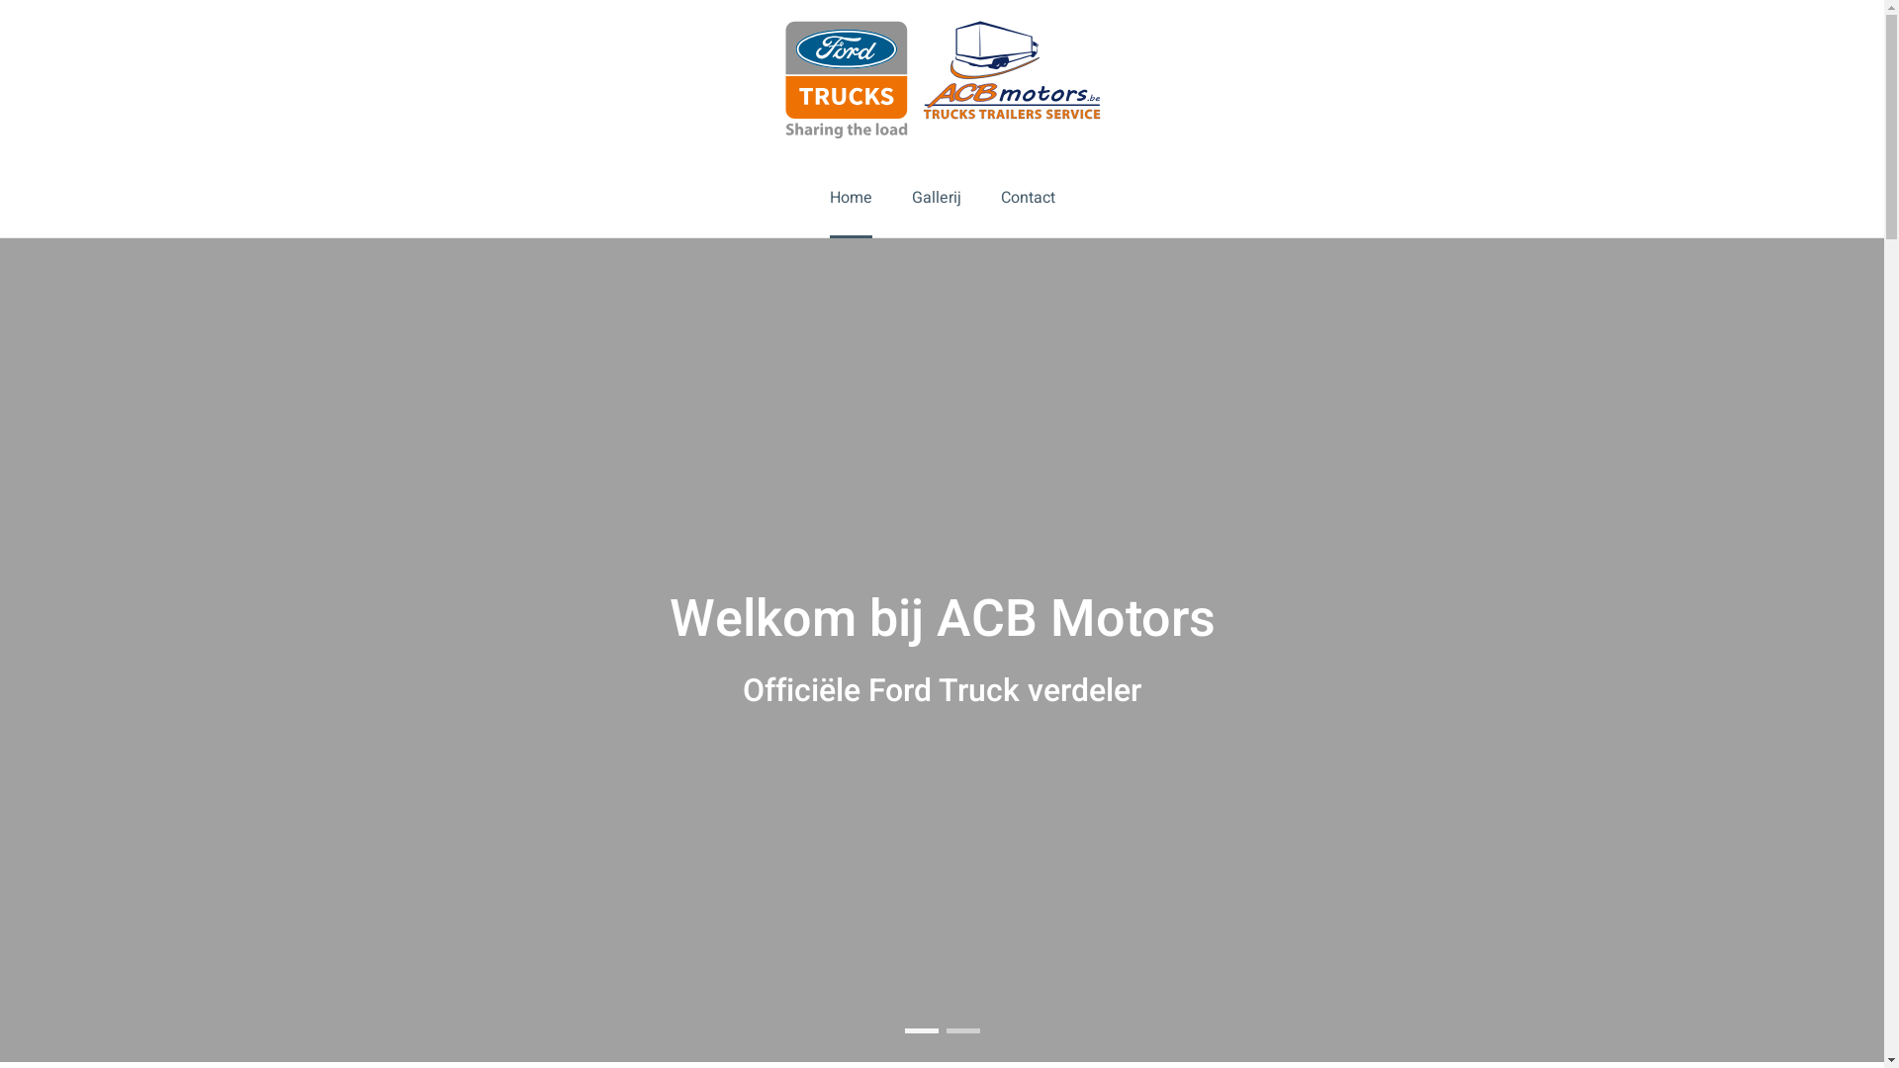  What do you see at coordinates (962, 1029) in the screenshot?
I see `'The new big` at bounding box center [962, 1029].